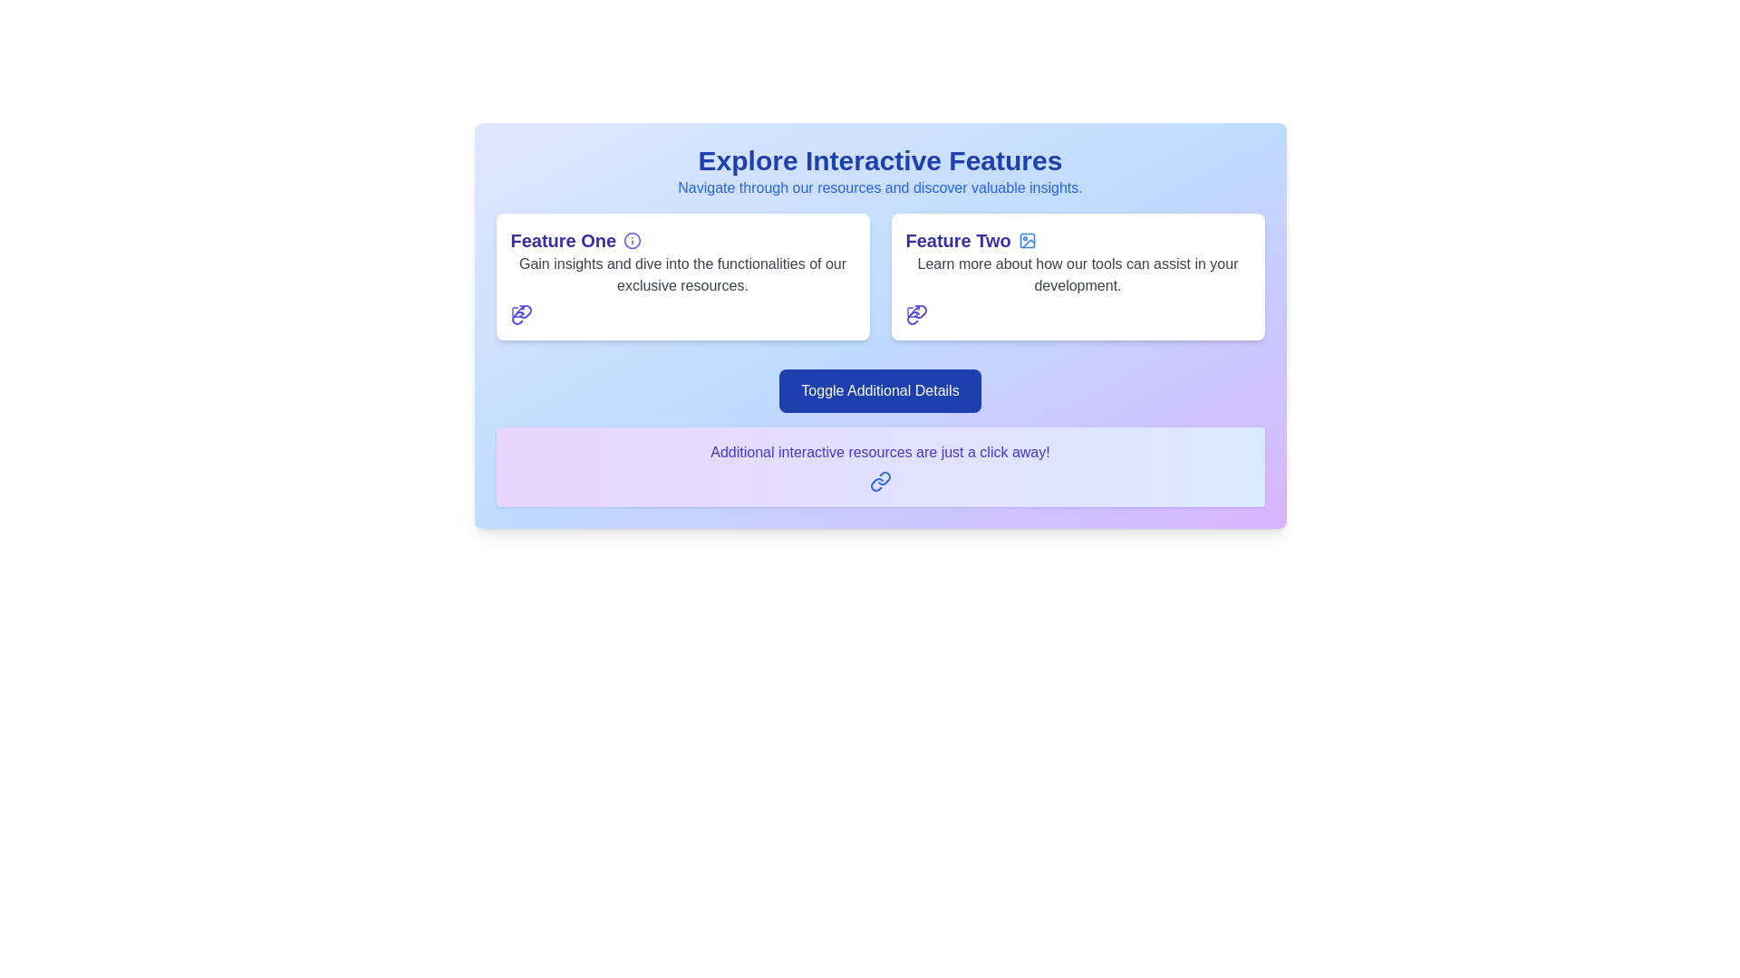 This screenshot has height=978, width=1740. Describe the element at coordinates (520, 313) in the screenshot. I see `the link icon, which is represented by a graphic of two interlocking chain links, located at the bottom-left side of the 'Feature One' card` at that location.